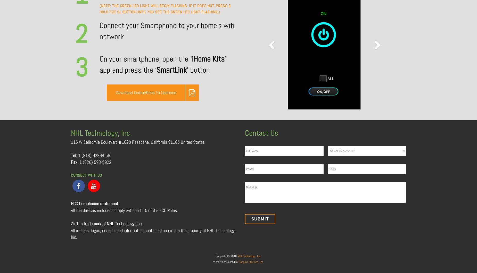 Image resolution: width=477 pixels, height=273 pixels. Describe the element at coordinates (70, 155) in the screenshot. I see `'Tel:'` at that location.